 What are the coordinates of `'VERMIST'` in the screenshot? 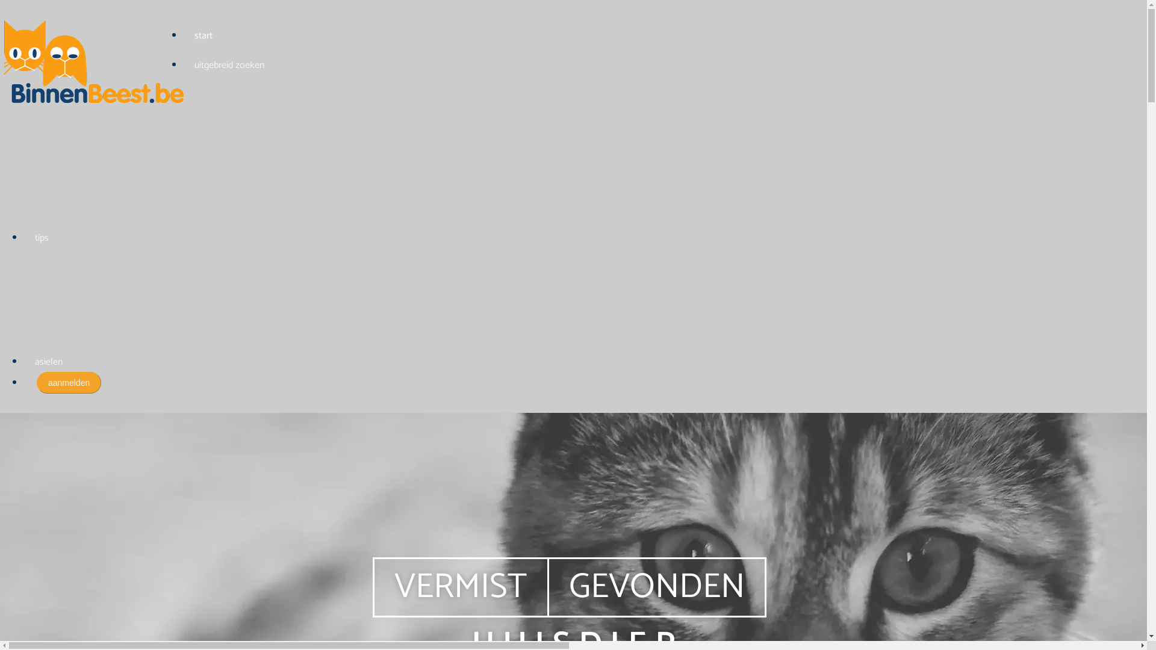 It's located at (459, 586).